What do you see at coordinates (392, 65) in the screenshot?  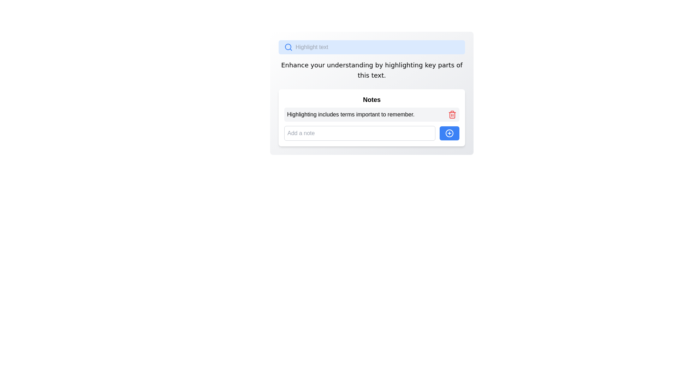 I see `the letter 'g' in the word 'highlighting' within the static text 'Enhance your understanding by highlighting key parts of this text.'` at bounding box center [392, 65].